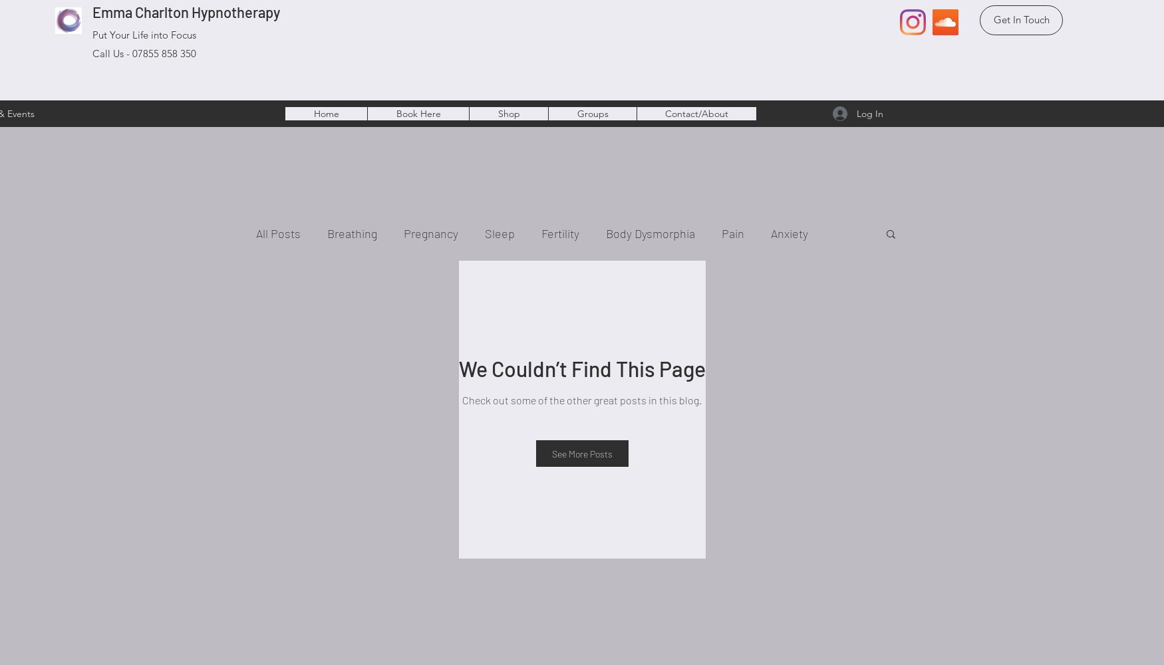  Describe the element at coordinates (710, 287) in the screenshot. I see `'Hypnosis'` at that location.